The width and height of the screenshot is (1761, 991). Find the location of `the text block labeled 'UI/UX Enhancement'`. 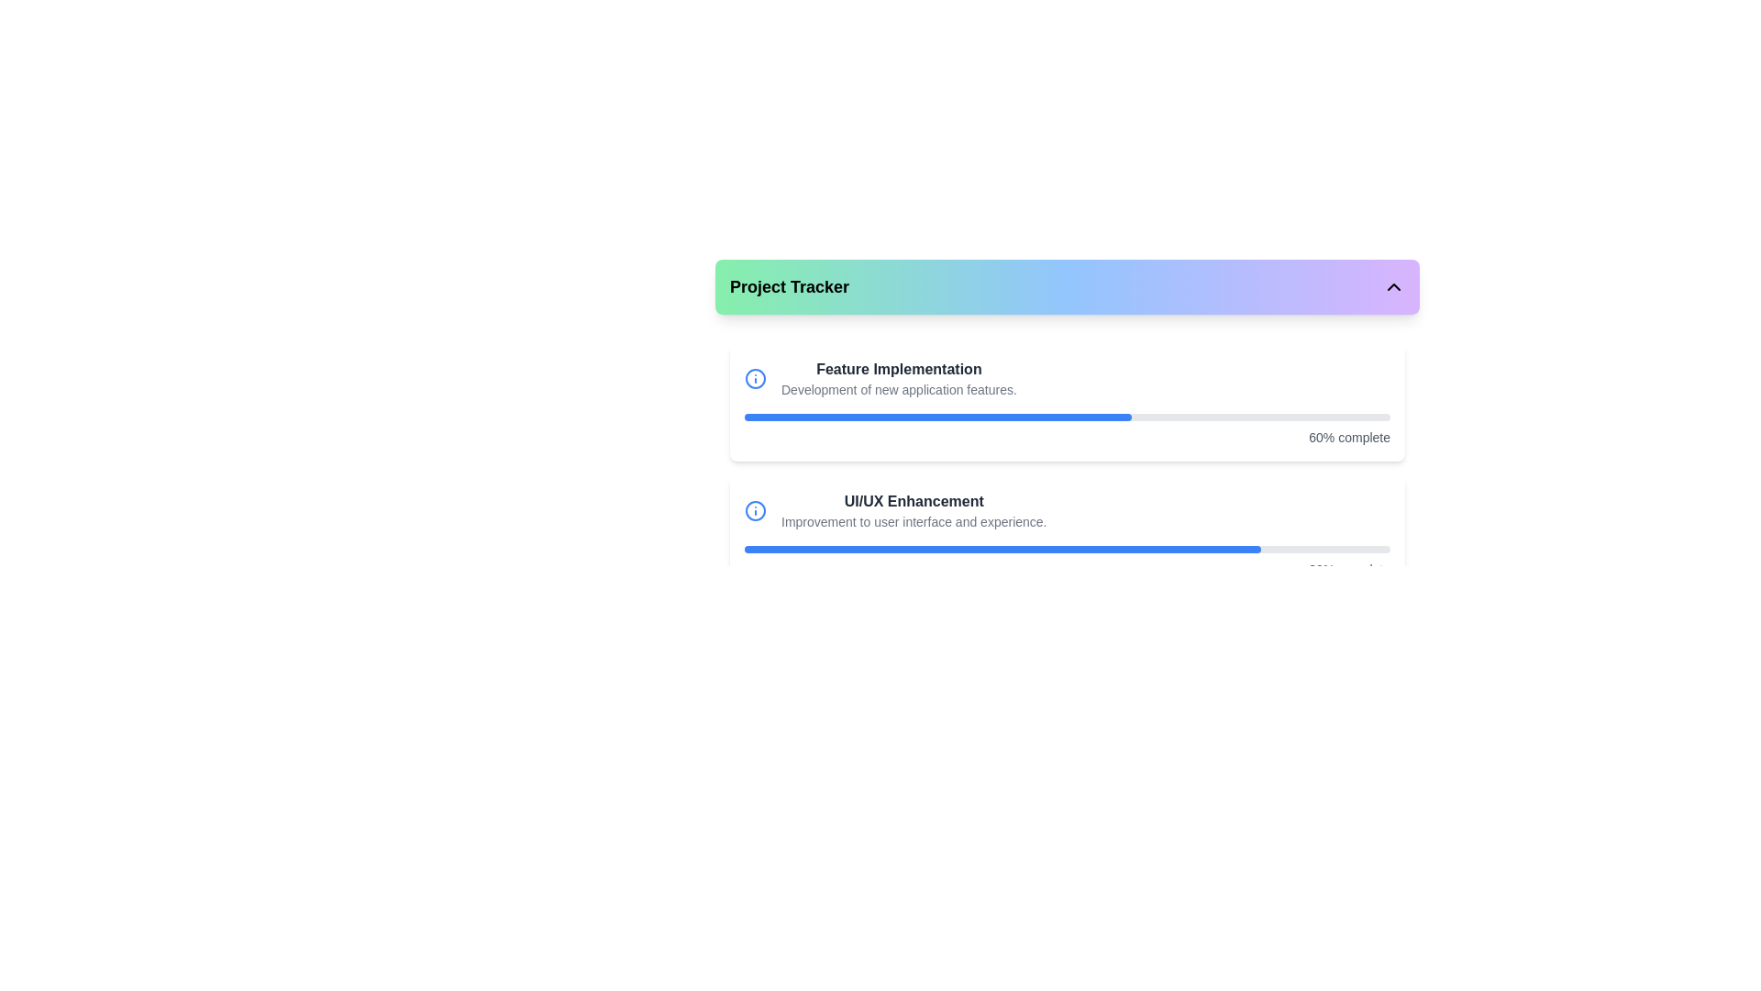

the text block labeled 'UI/UX Enhancement' is located at coordinates (914, 510).